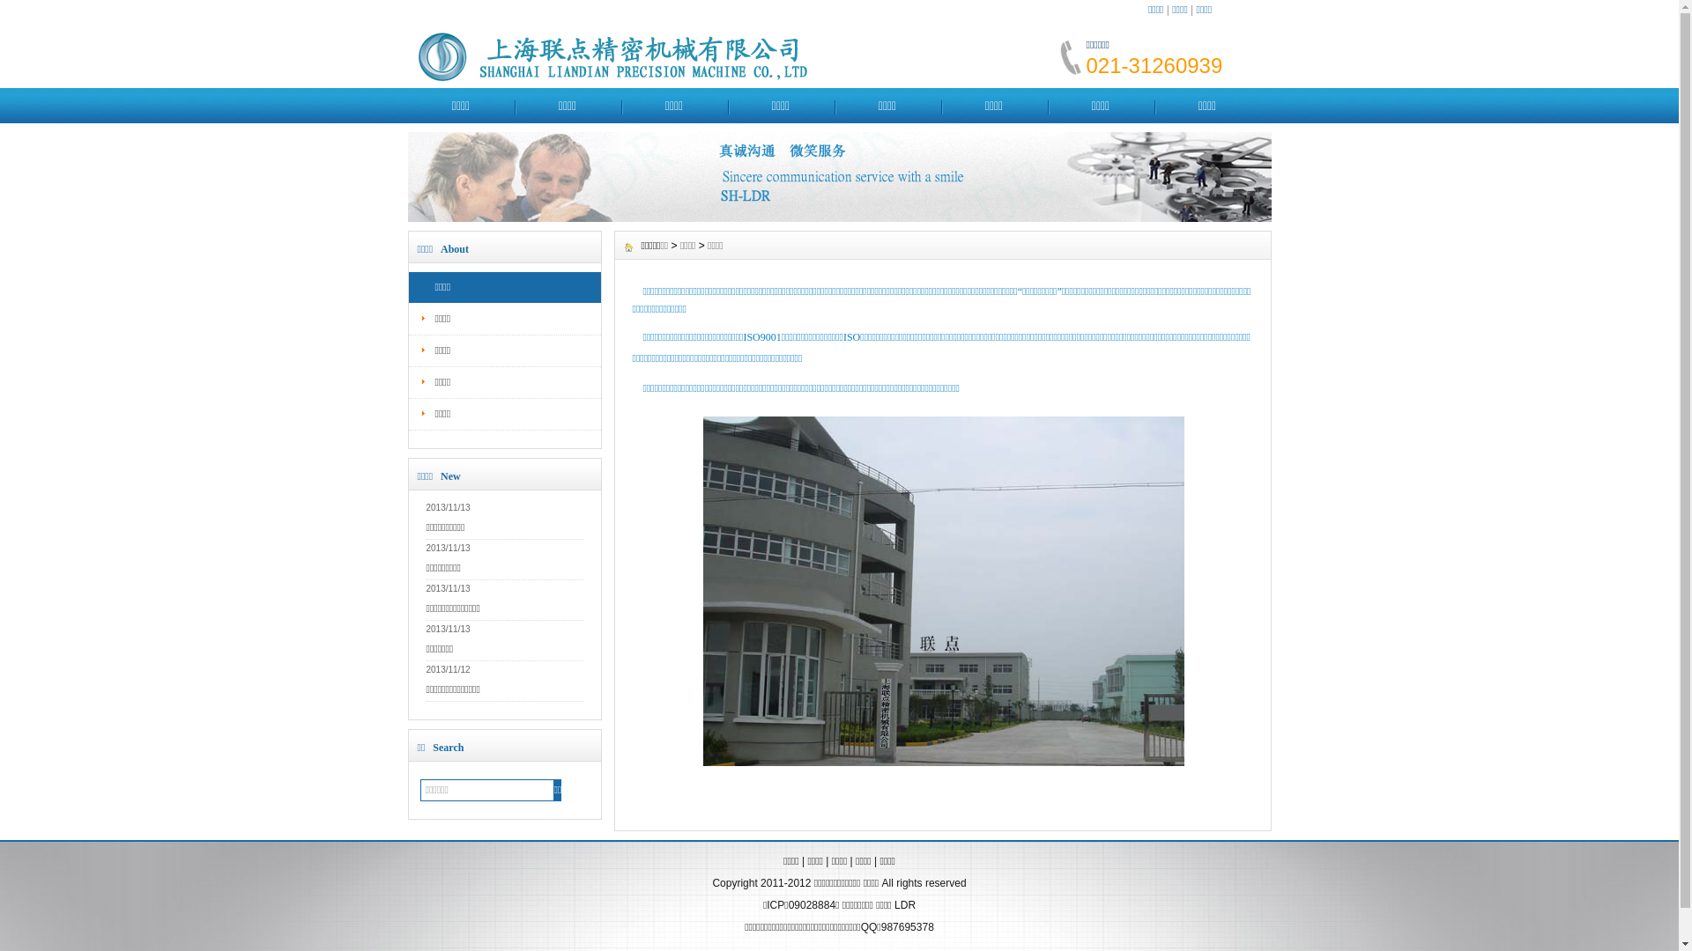 Image resolution: width=1692 pixels, height=951 pixels. Describe the element at coordinates (905, 905) in the screenshot. I see `'LDR'` at that location.